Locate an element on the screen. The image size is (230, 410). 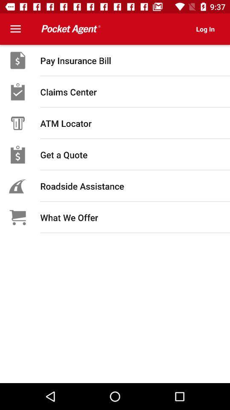
icon at the top right corner is located at coordinates (205, 29).